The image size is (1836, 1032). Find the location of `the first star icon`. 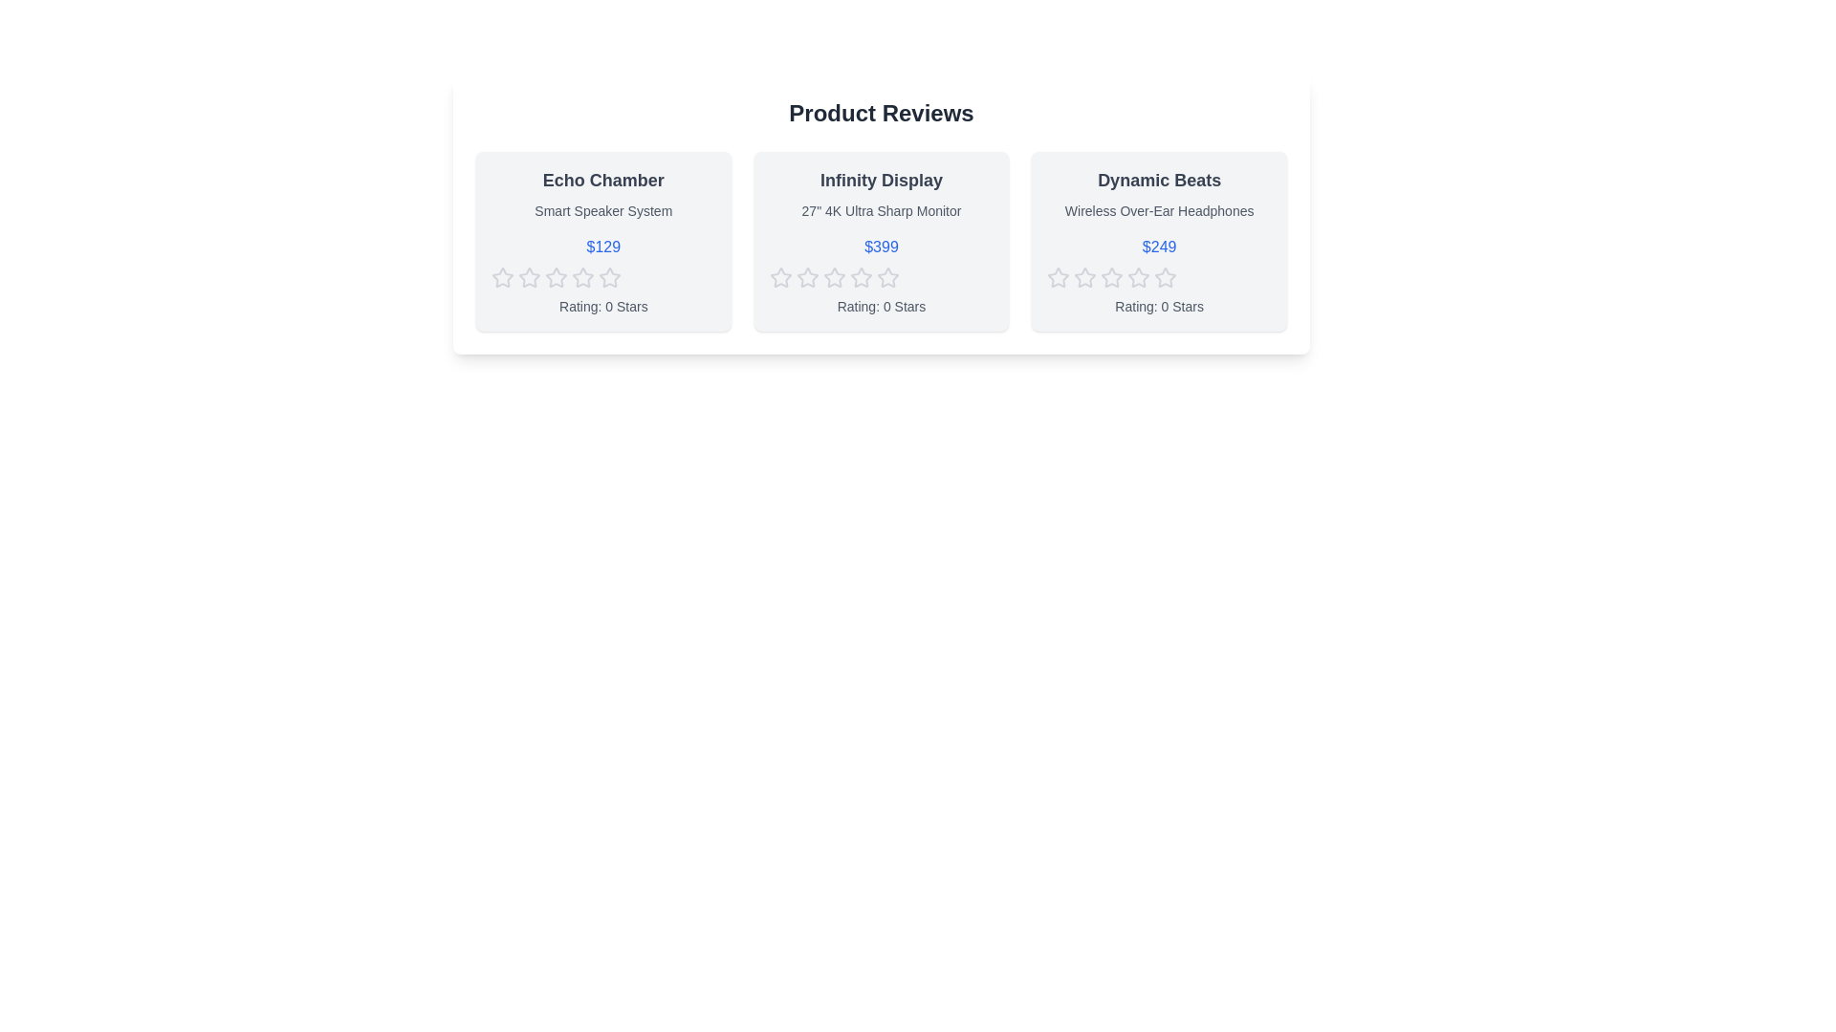

the first star icon is located at coordinates (1084, 276).